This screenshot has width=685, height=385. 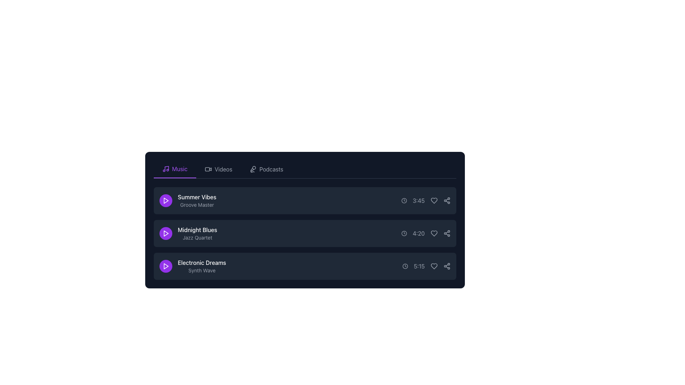 What do you see at coordinates (165, 233) in the screenshot?
I see `the play button located to the left of the 'Midnight Blues Jazz Quartet' text` at bounding box center [165, 233].